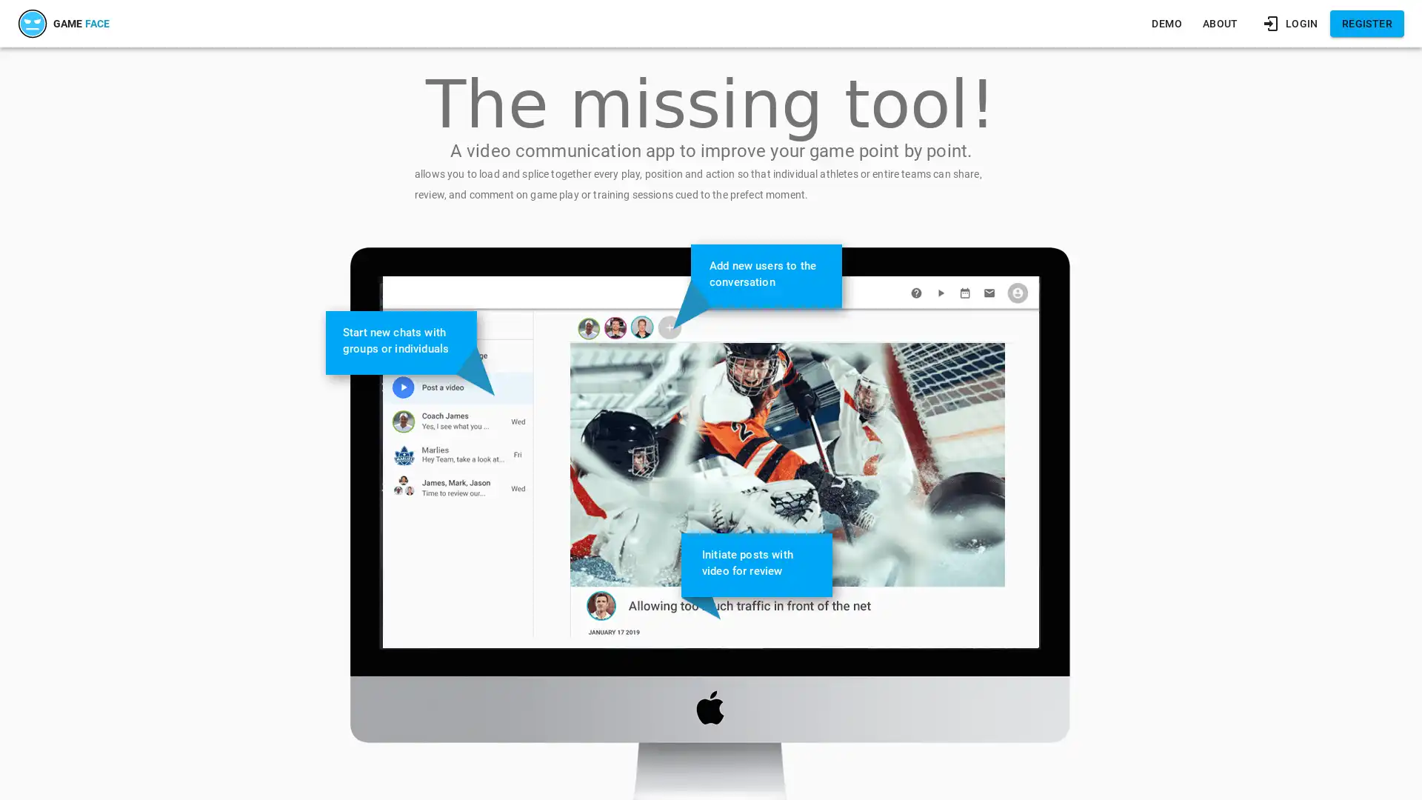 Image resolution: width=1422 pixels, height=800 pixels. I want to click on ABOUT, so click(1219, 23).